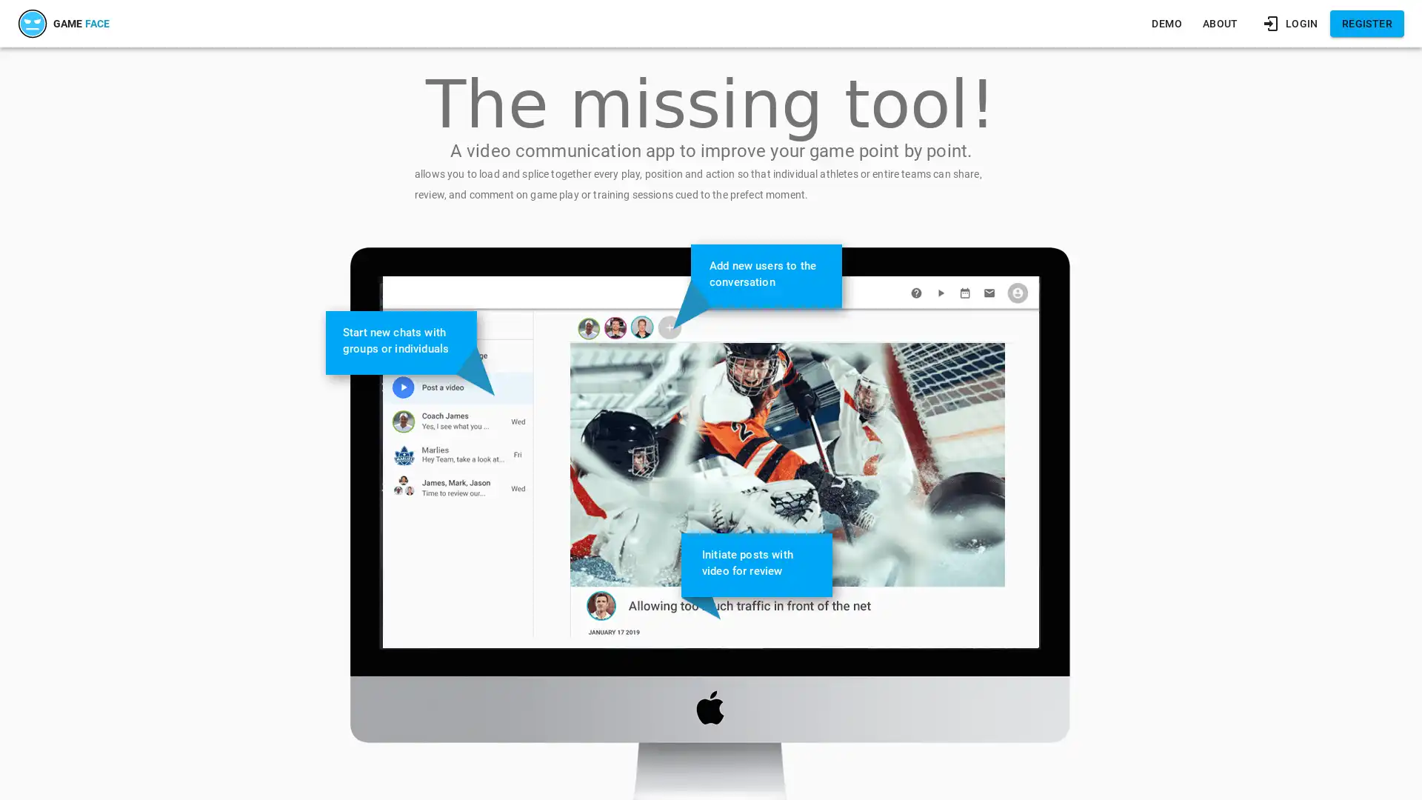 Image resolution: width=1422 pixels, height=800 pixels. I want to click on ABOUT, so click(1219, 23).